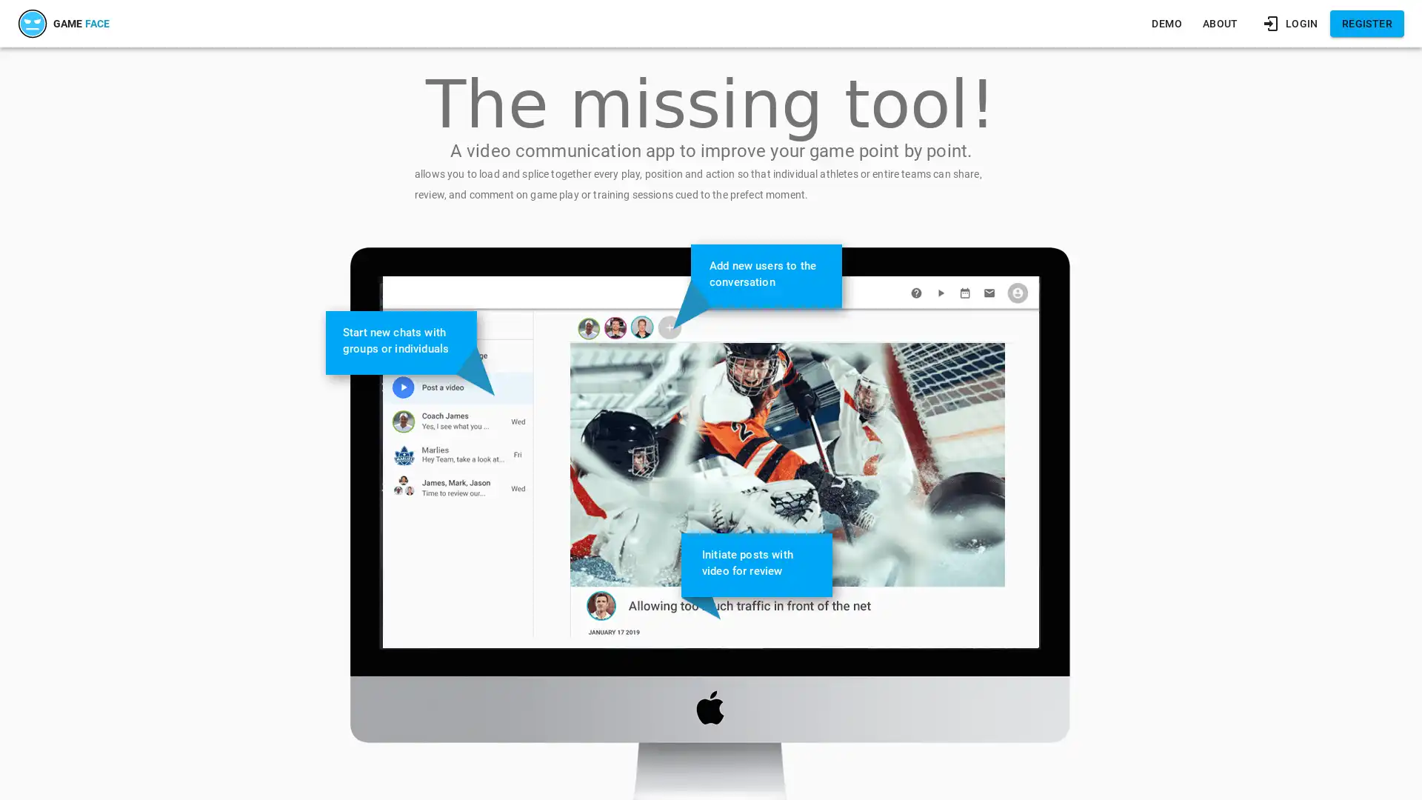 Image resolution: width=1422 pixels, height=800 pixels. I want to click on ABOUT, so click(1219, 23).